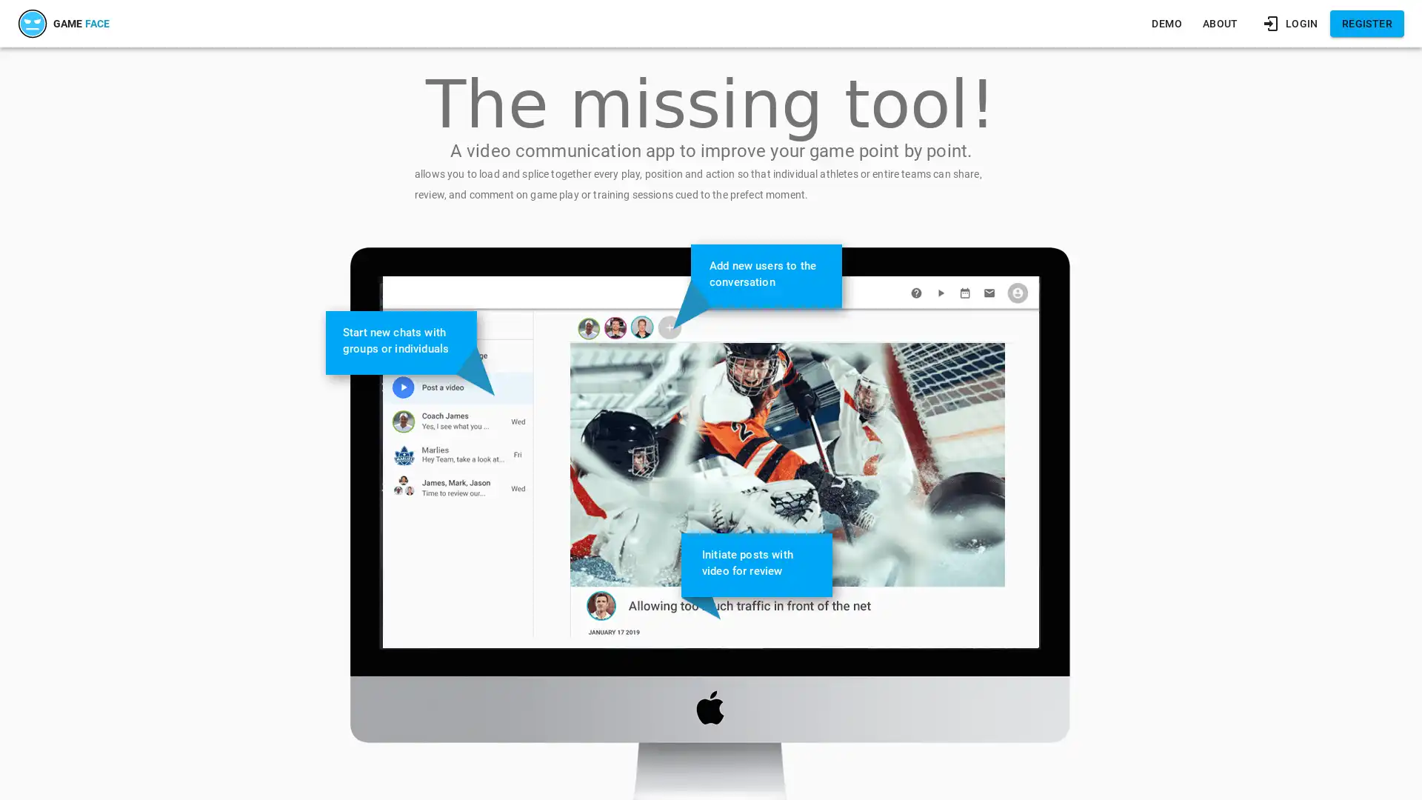 Image resolution: width=1422 pixels, height=800 pixels. I want to click on ABOUT, so click(1219, 23).